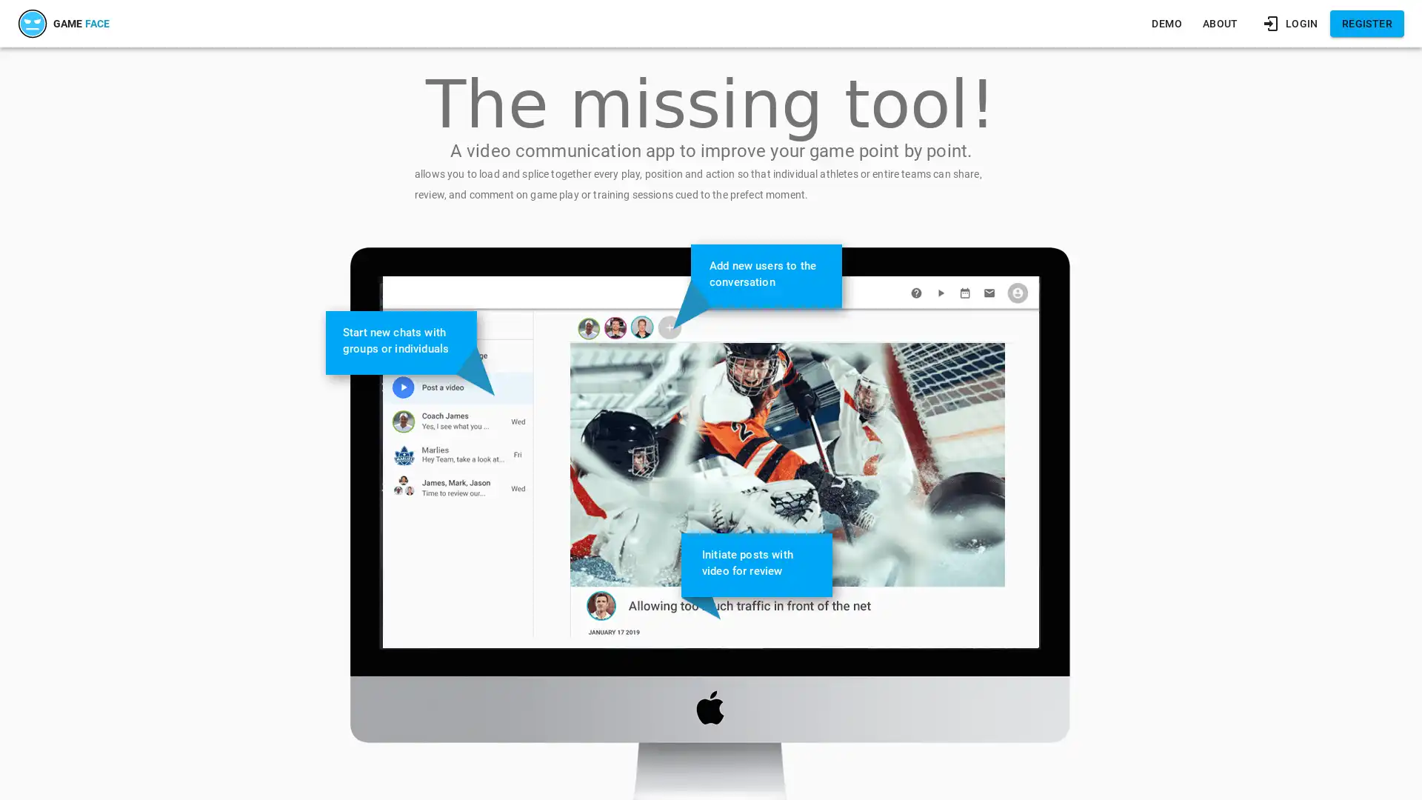 Image resolution: width=1422 pixels, height=800 pixels. I want to click on ABOUT, so click(1219, 23).